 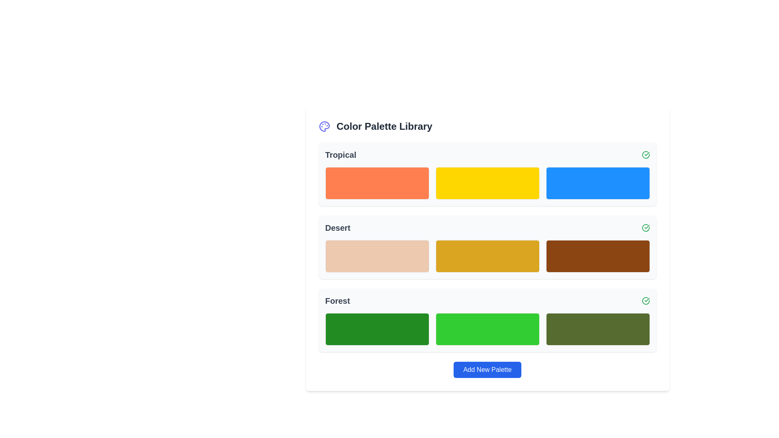 I want to click on the first color display block representing a selectable shade within the 'Forest' palette in the 'Color Palette Library' interface, so click(x=377, y=329).